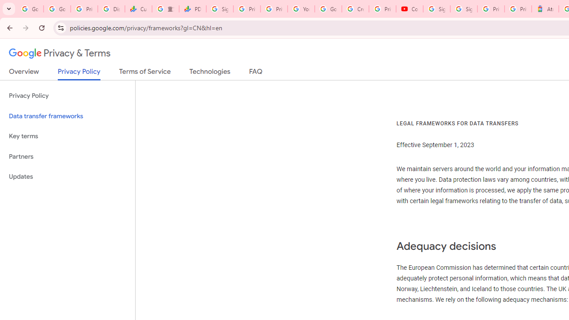  Describe the element at coordinates (138, 9) in the screenshot. I see `'Currencies - Google Finance'` at that location.